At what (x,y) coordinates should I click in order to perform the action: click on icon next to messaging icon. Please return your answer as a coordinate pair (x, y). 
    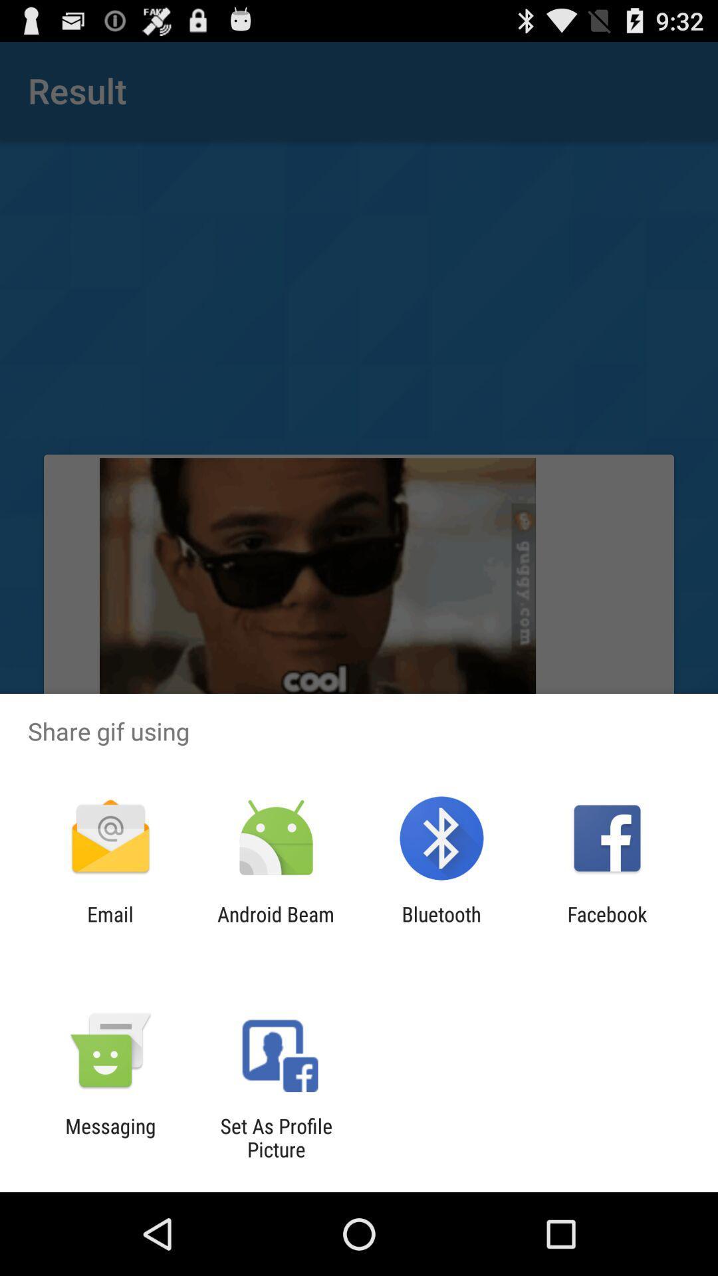
    Looking at the image, I should click on (275, 1137).